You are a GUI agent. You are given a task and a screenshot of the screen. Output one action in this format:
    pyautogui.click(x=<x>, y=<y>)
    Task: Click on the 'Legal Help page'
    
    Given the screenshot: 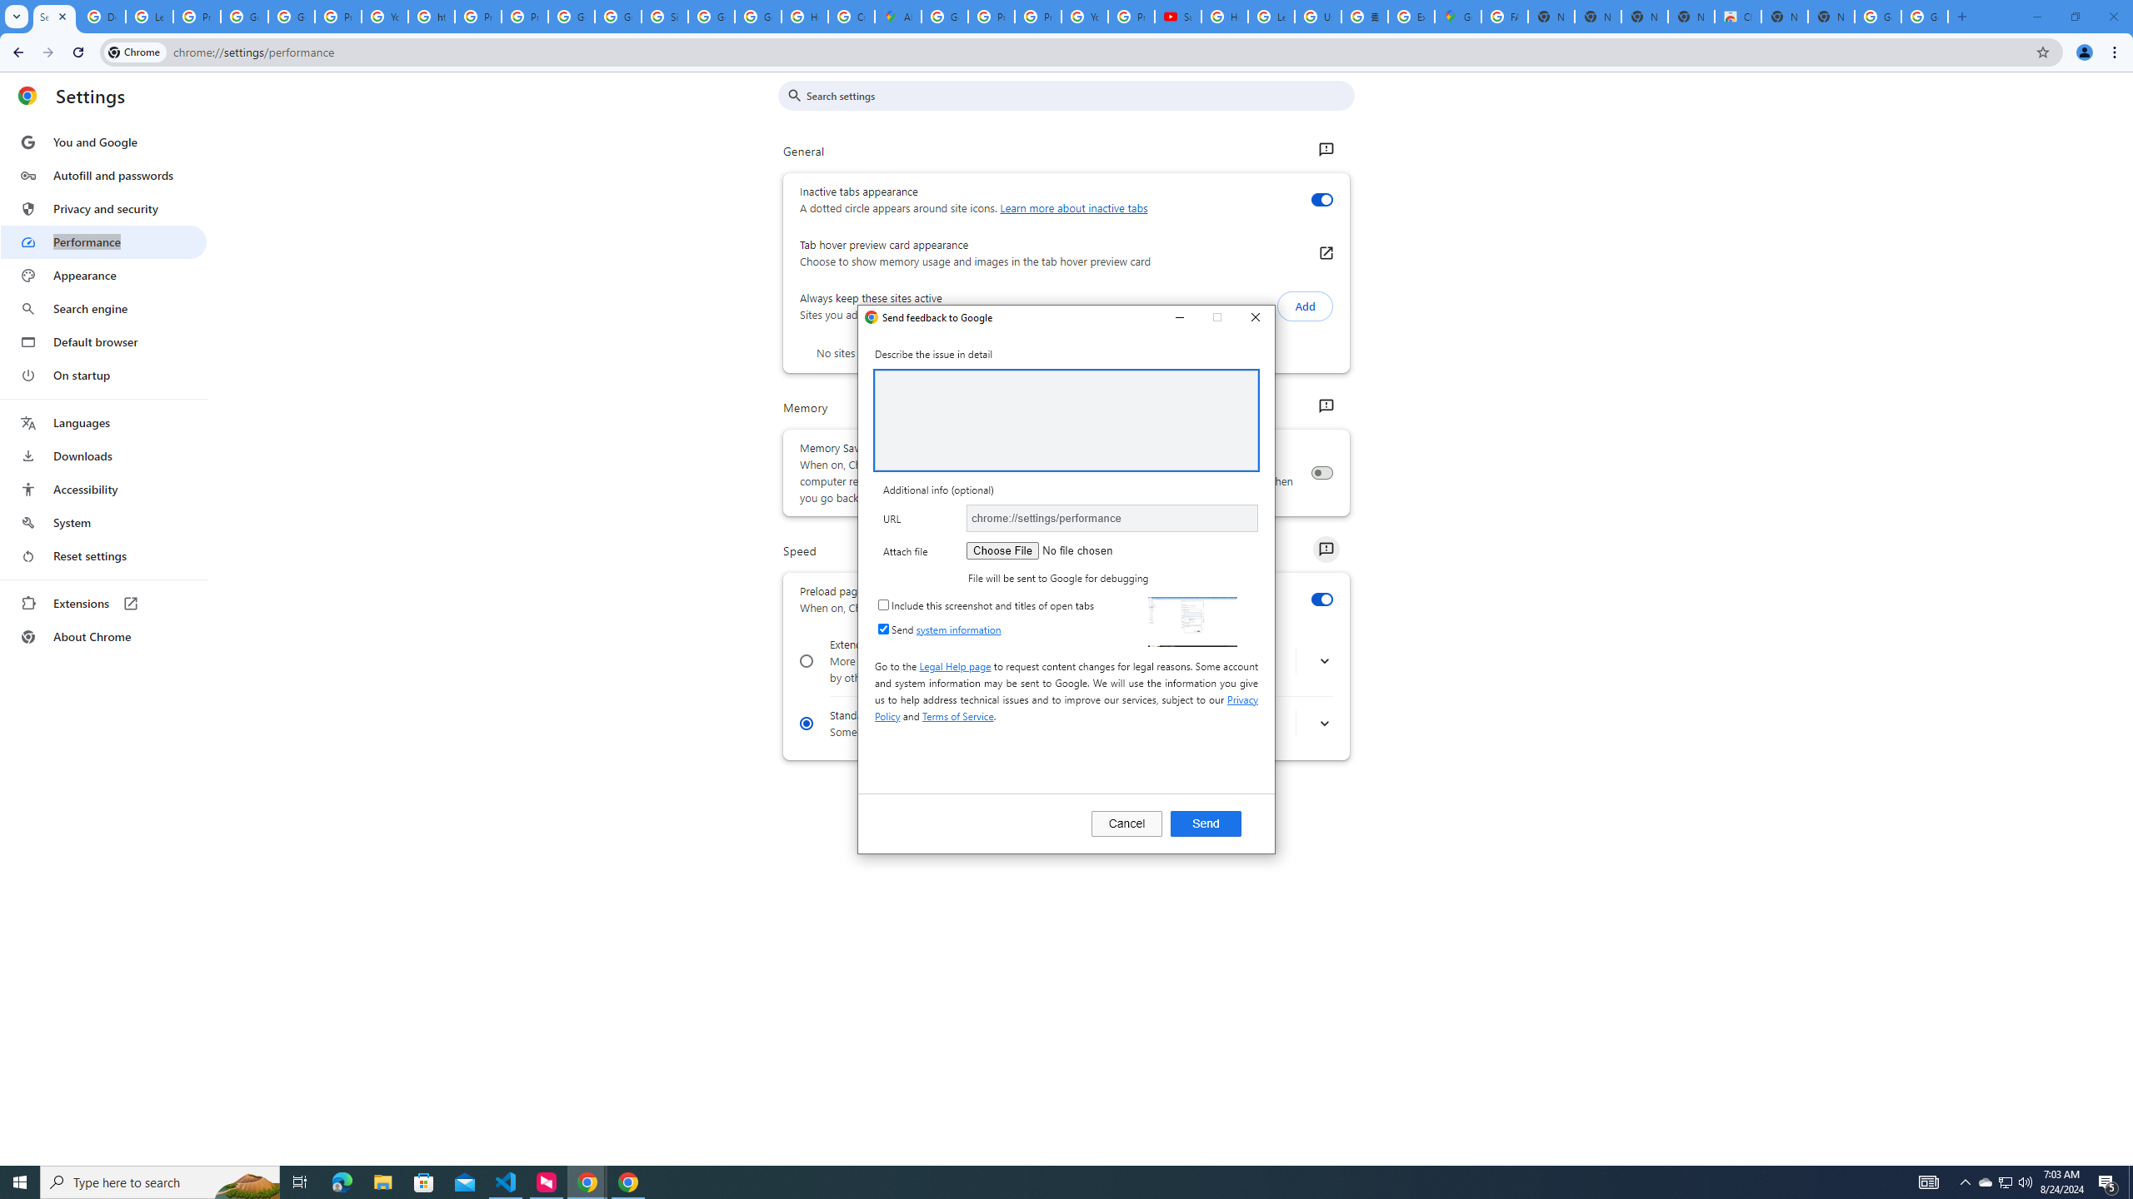 What is the action you would take?
    pyautogui.click(x=954, y=664)
    